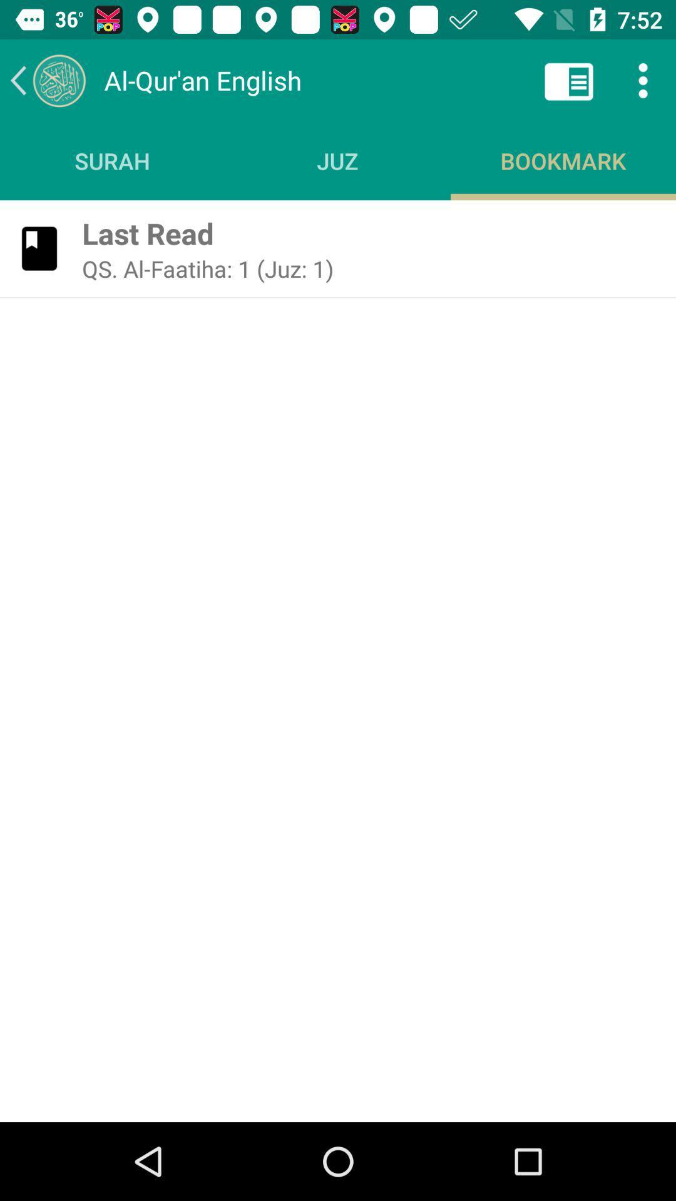 Image resolution: width=676 pixels, height=1201 pixels. What do you see at coordinates (47, 79) in the screenshot?
I see `the icon to the left of the al qur an` at bounding box center [47, 79].